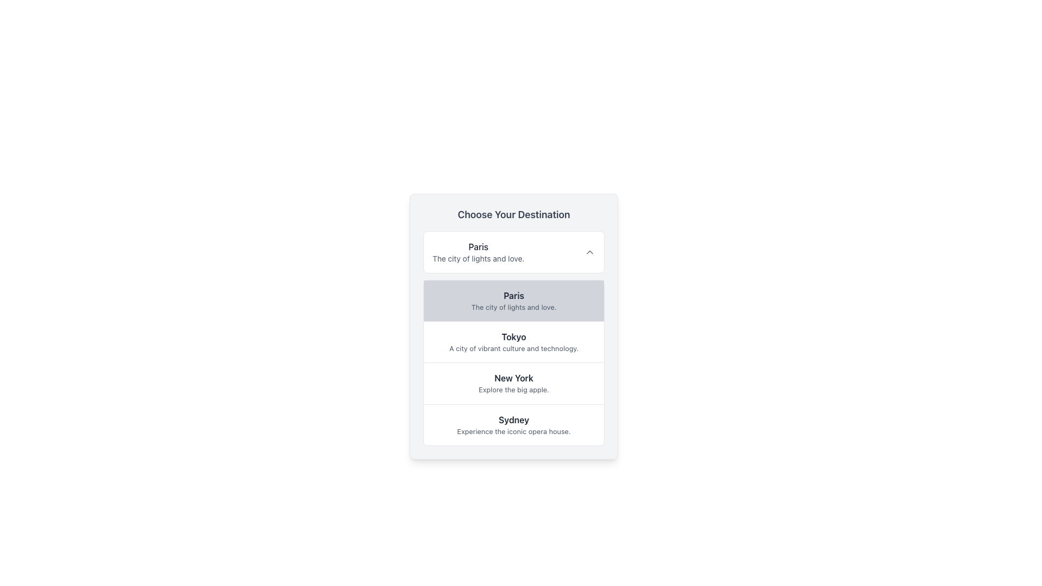 The height and width of the screenshot is (586, 1042). Describe the element at coordinates (513, 419) in the screenshot. I see `the content of the Text Label that serves as the title for the associated card about Sydney, positioned at the top of the last card in a vertical list` at that location.